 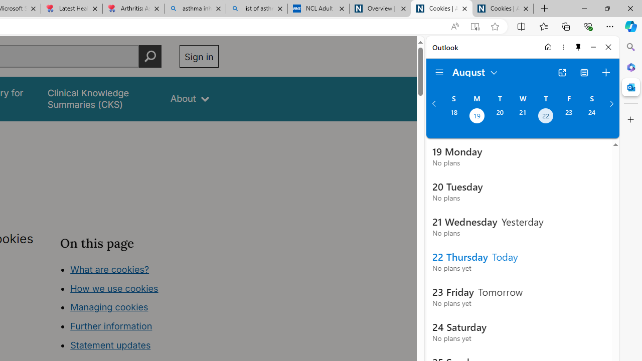 I want to click on 'Managing cookies', so click(x=109, y=307).